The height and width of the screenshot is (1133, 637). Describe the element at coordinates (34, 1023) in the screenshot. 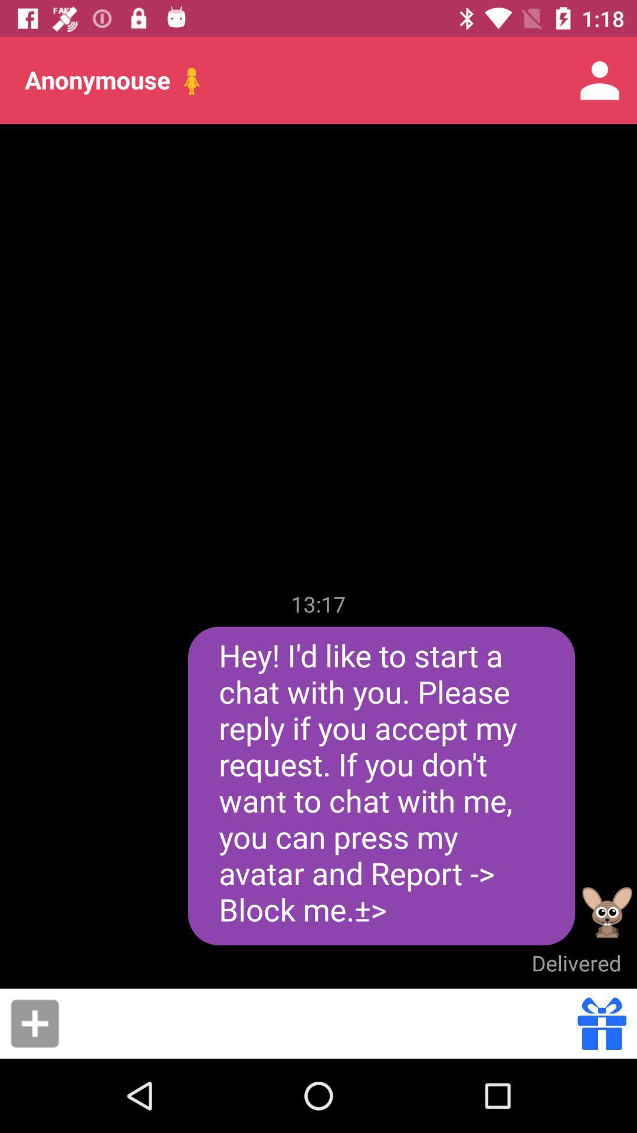

I see `message` at that location.